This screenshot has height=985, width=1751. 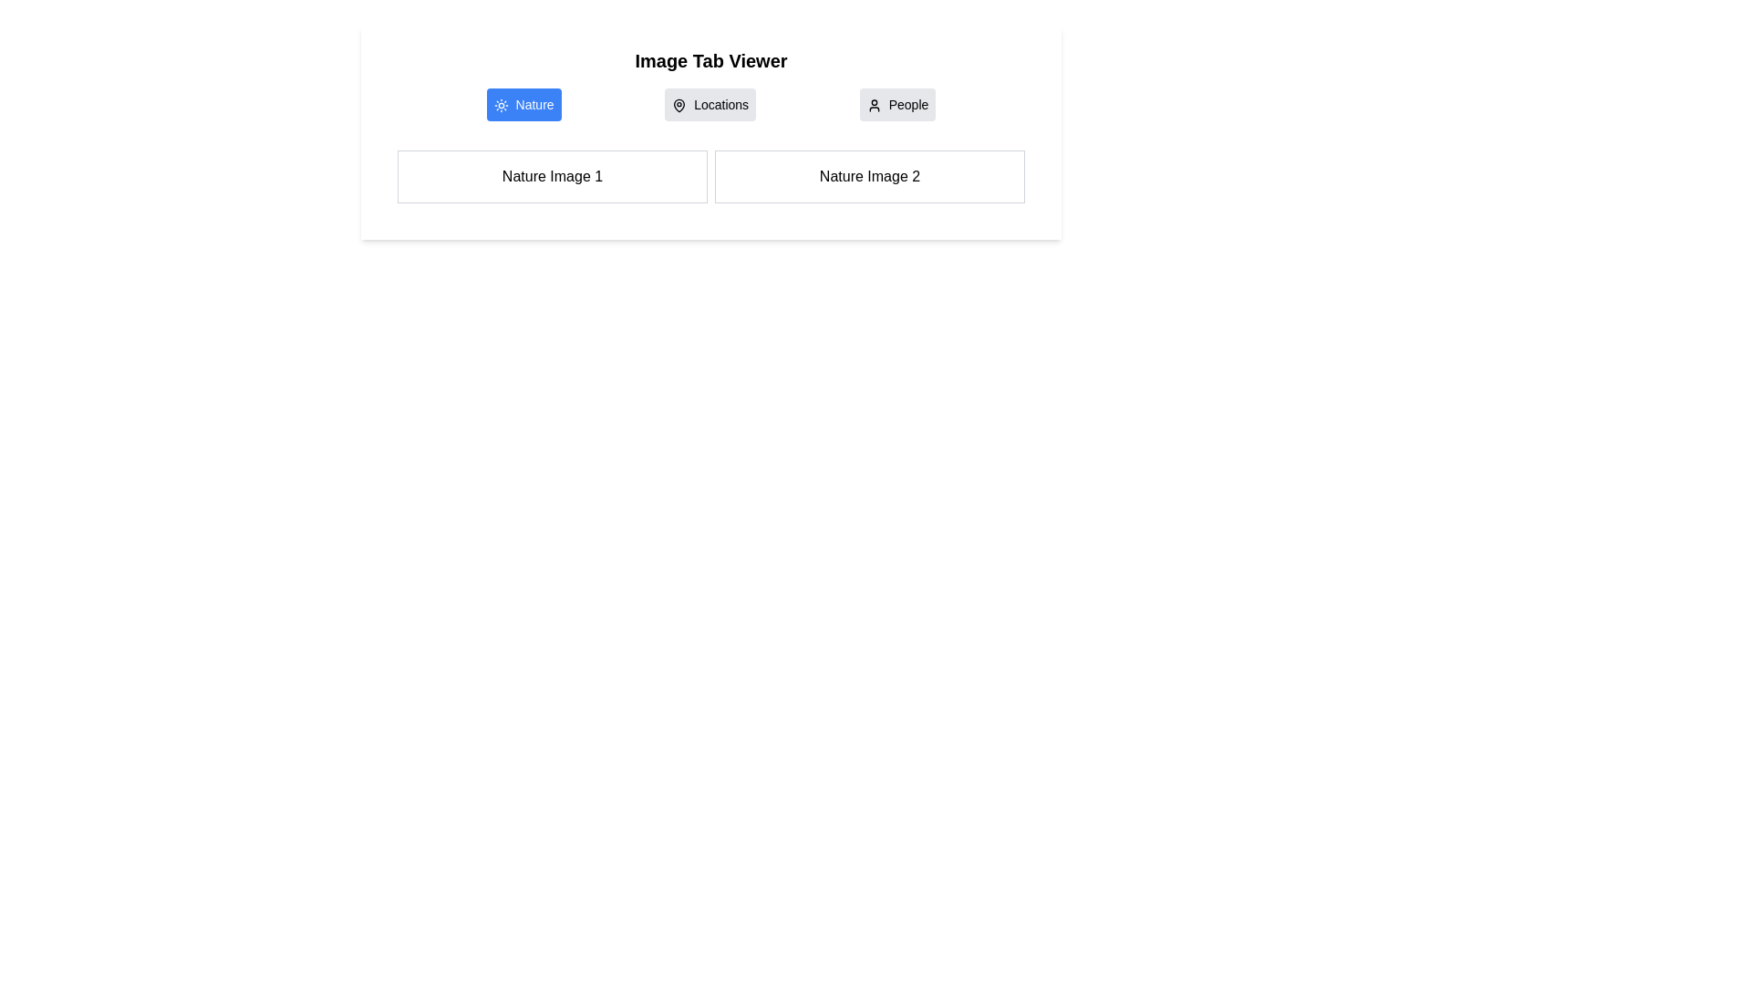 What do you see at coordinates (897, 105) in the screenshot?
I see `the 'People' button, which is the third button from the left in a group of three buttons, featuring a user silhouette icon and black text on a light gray background` at bounding box center [897, 105].